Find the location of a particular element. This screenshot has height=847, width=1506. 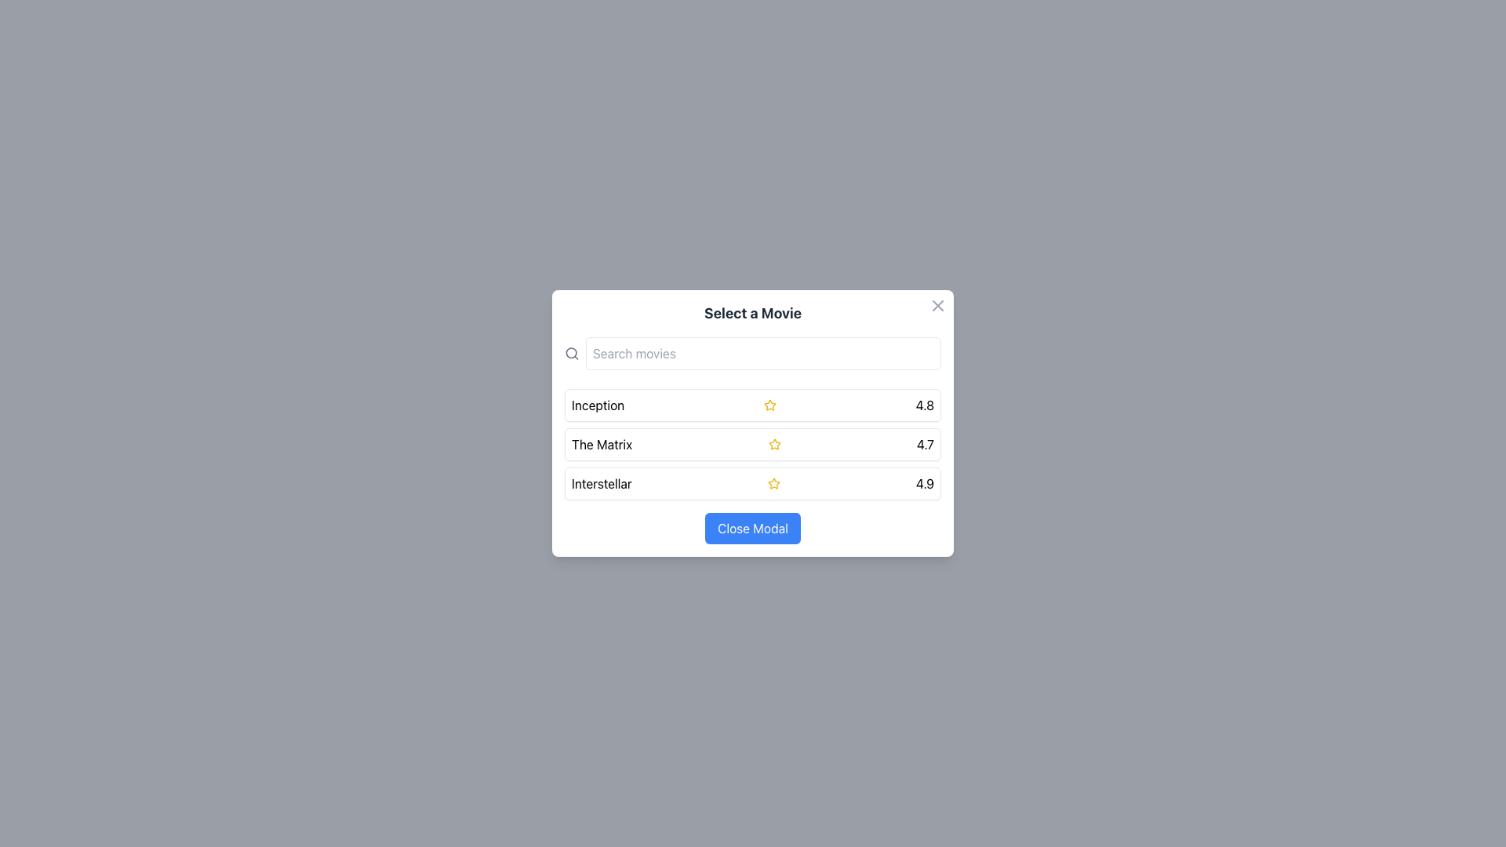

the circular part of the search icon located on the left side of the 'Search movies' input field in the 'Select a Movie' popup dialog is located at coordinates (570, 353).